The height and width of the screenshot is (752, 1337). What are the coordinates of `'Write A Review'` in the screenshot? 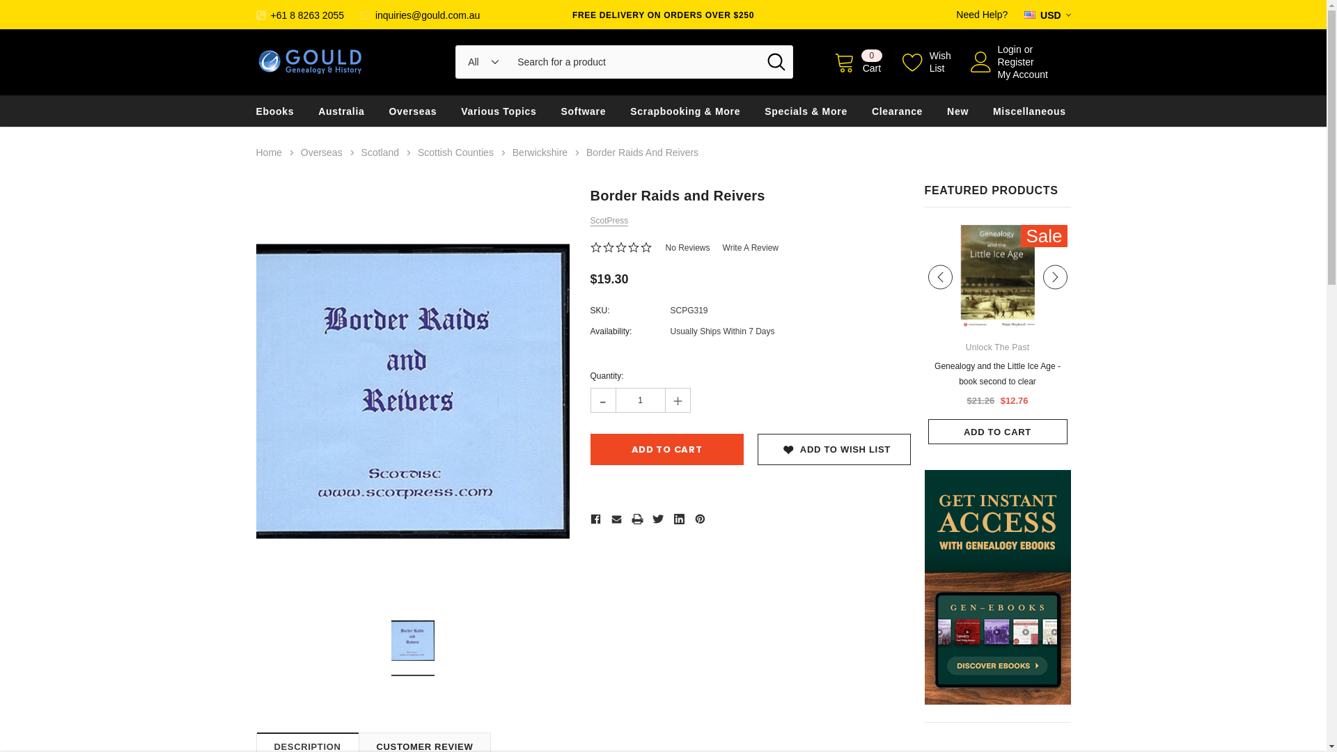 It's located at (722, 246).